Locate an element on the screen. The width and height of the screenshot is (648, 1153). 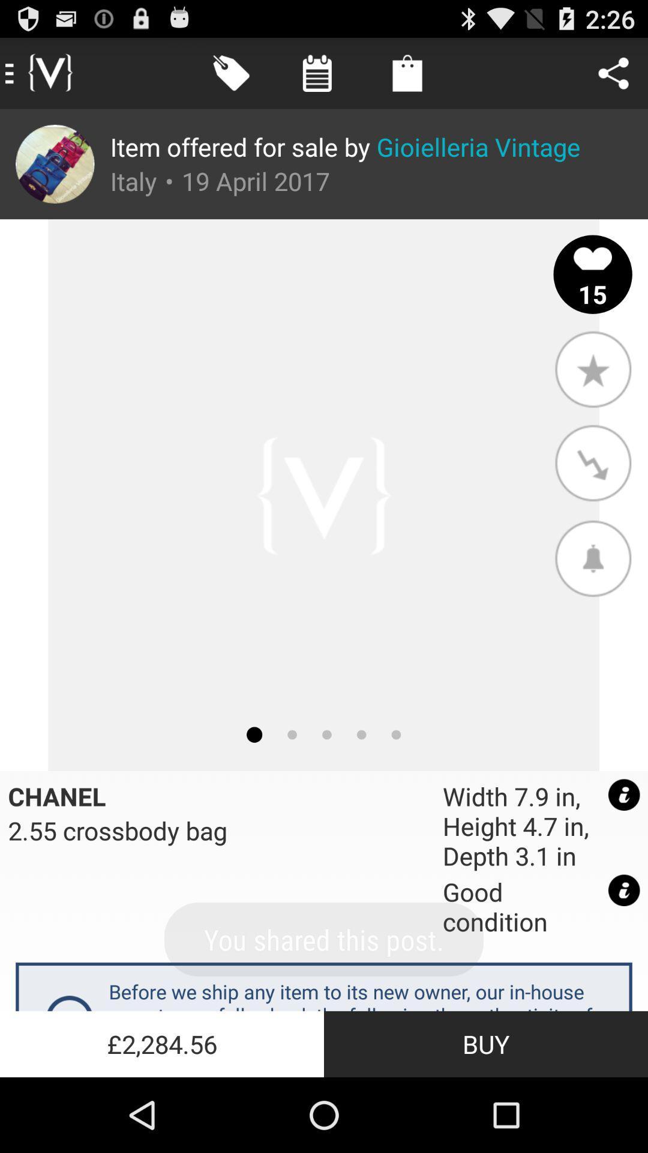
the icon below before we ship app is located at coordinates (486, 1043).